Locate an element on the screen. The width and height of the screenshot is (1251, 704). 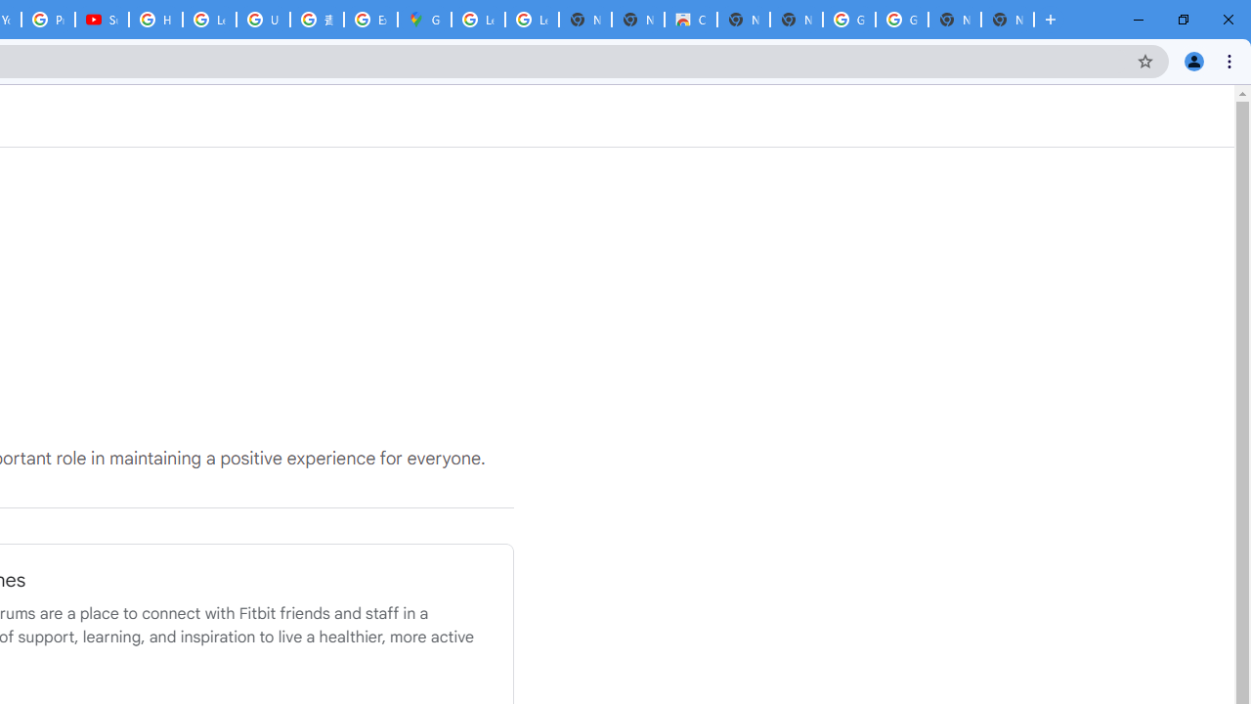
'Chrome Web Store' is located at coordinates (690, 20).